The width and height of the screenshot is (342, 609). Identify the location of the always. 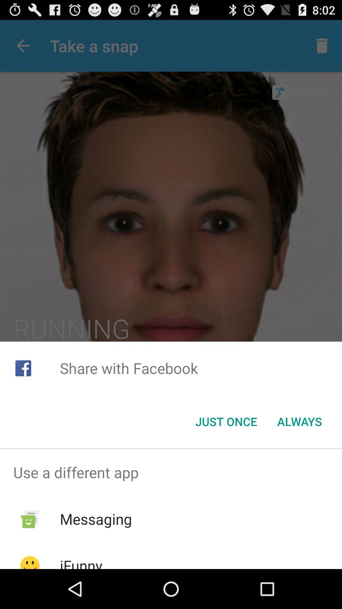
(299, 422).